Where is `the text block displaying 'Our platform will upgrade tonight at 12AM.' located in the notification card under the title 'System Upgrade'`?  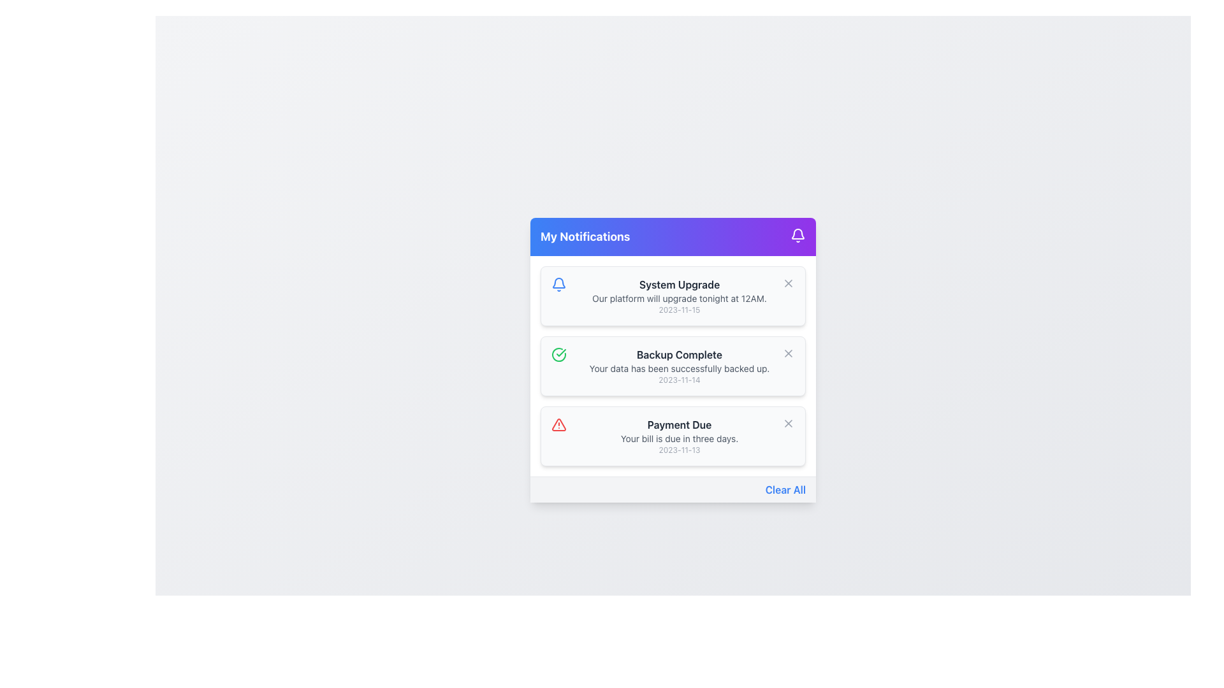 the text block displaying 'Our platform will upgrade tonight at 12AM.' located in the notification card under the title 'System Upgrade' is located at coordinates (678, 298).